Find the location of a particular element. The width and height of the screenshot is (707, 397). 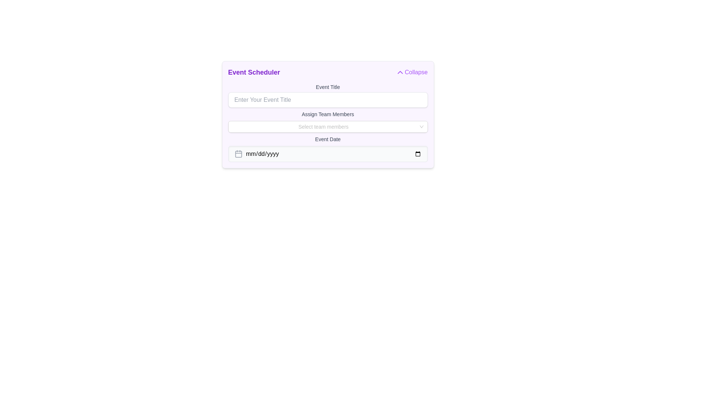

on the dropdown menu labeled 'Select team members' is located at coordinates (327, 126).